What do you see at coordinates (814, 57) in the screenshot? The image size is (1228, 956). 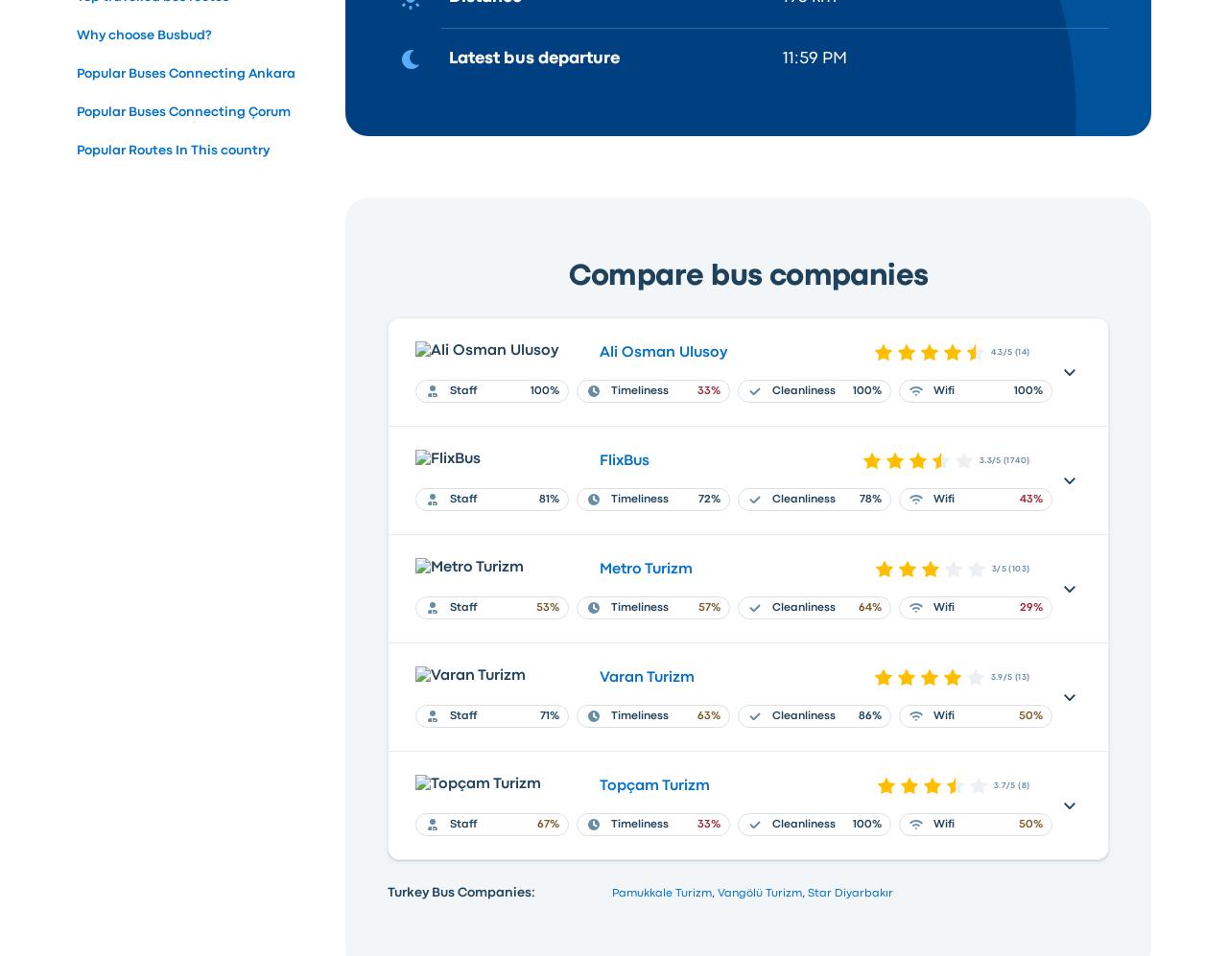 I see `'11:59 PM'` at bounding box center [814, 57].